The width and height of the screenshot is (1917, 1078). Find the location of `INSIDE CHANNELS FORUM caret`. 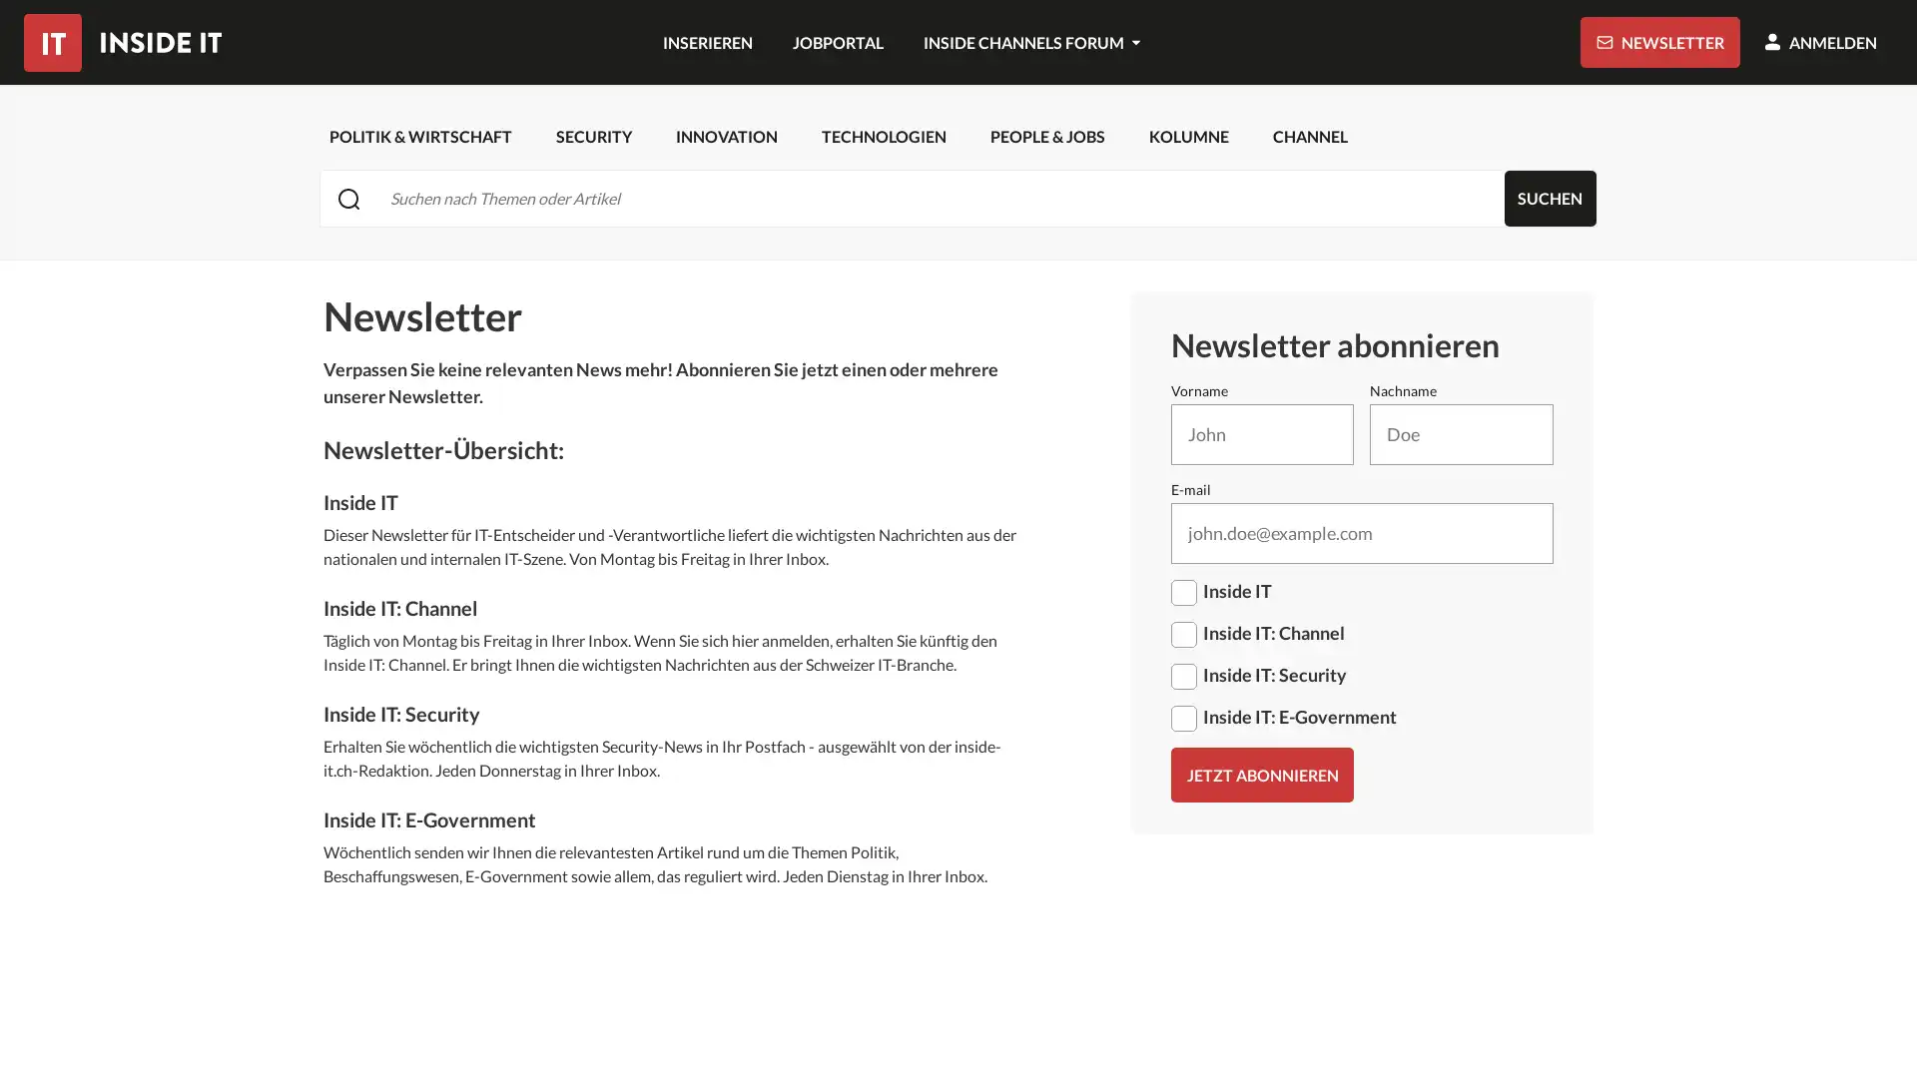

INSIDE CHANNELS FORUM caret is located at coordinates (1030, 42).